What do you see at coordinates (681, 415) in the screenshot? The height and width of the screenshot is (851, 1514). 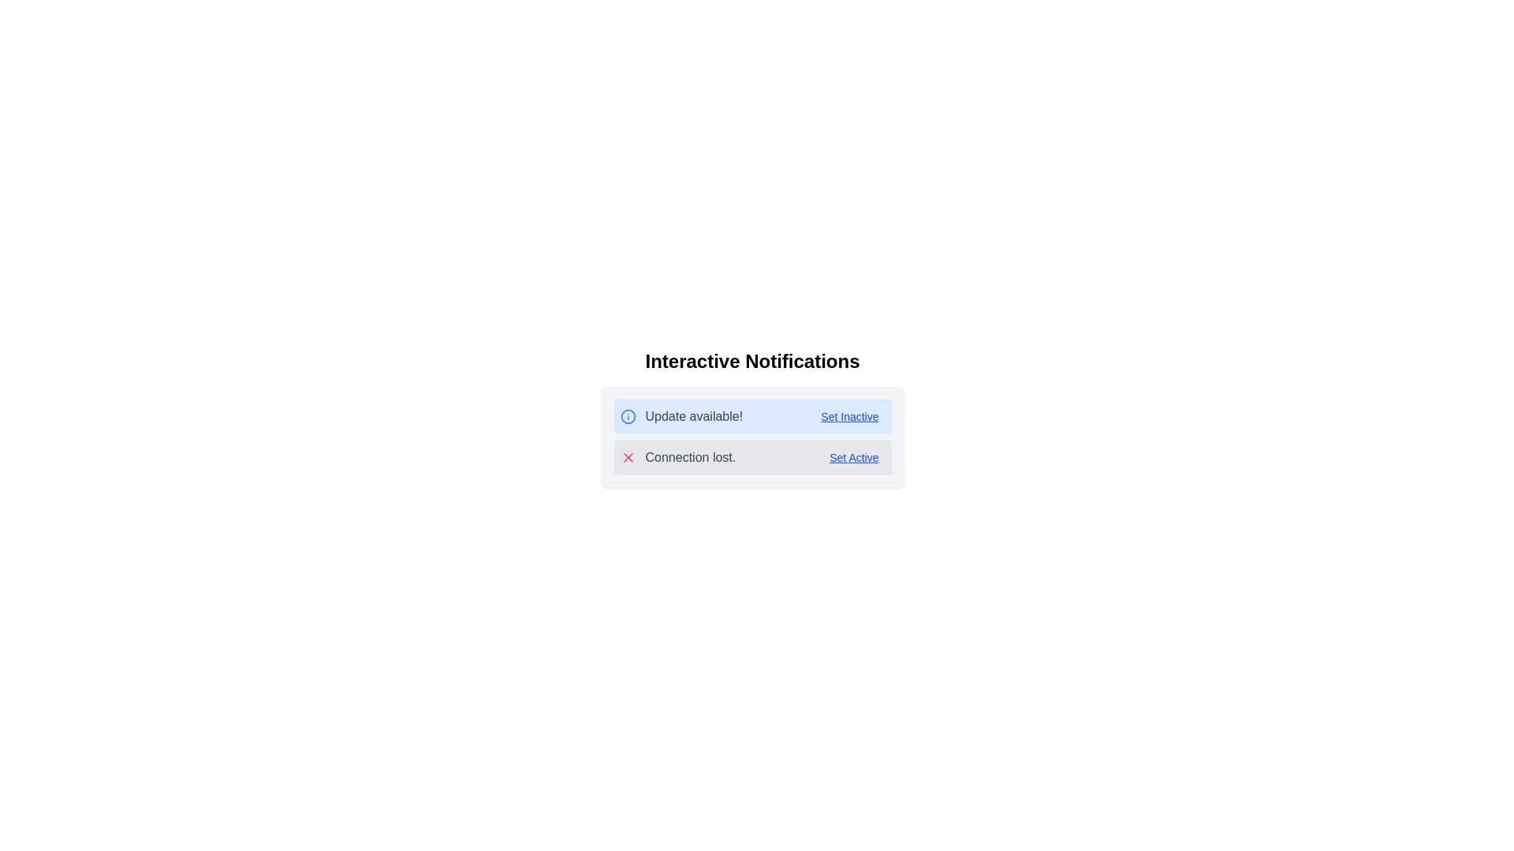 I see `the informational text with icon that indicates the availability of an update` at bounding box center [681, 415].